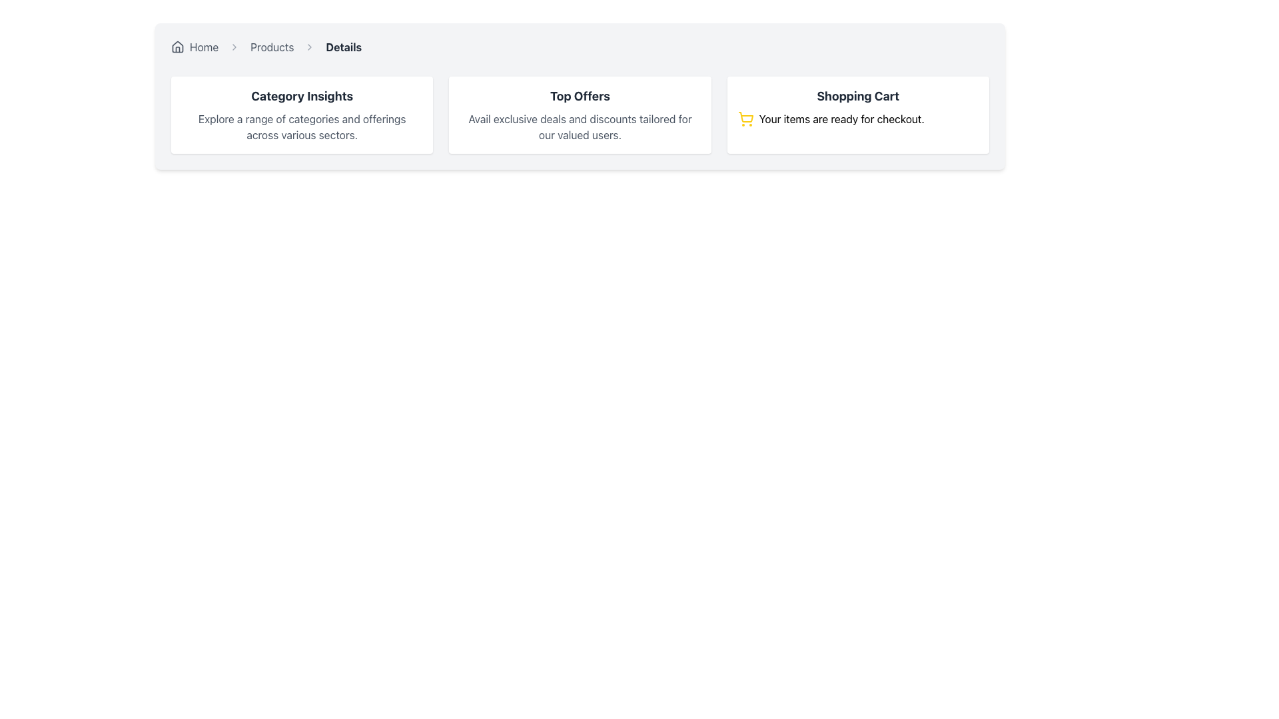 The height and width of the screenshot is (719, 1279). What do you see at coordinates (301, 127) in the screenshot?
I see `the text block containing the message 'Explore a range of categories and offerings across various sectors.' which is styled in gray and positioned below the header 'Category Insights' within the card component` at bounding box center [301, 127].